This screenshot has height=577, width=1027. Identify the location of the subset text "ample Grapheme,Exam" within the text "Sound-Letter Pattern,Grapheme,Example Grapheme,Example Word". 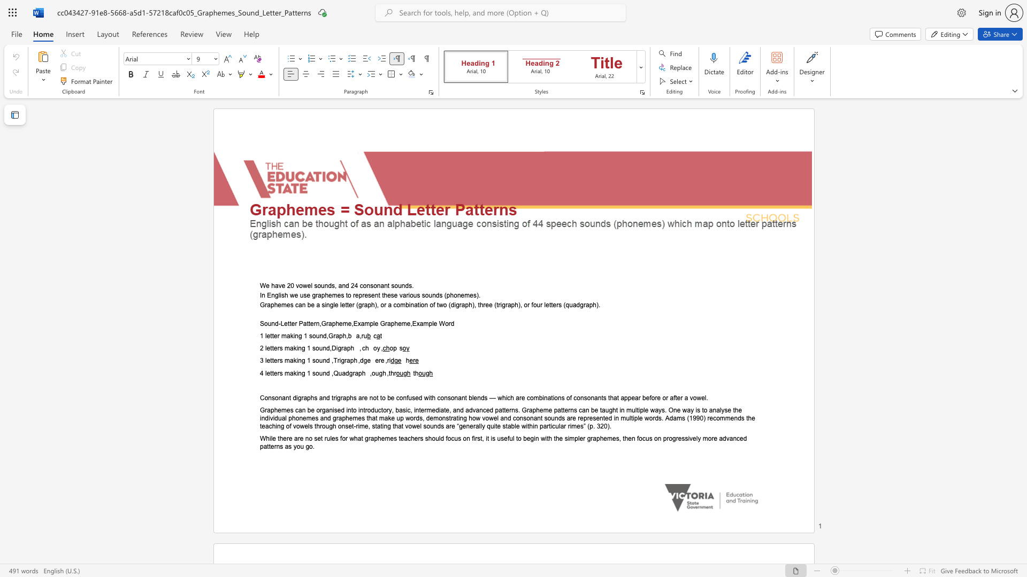
(361, 323).